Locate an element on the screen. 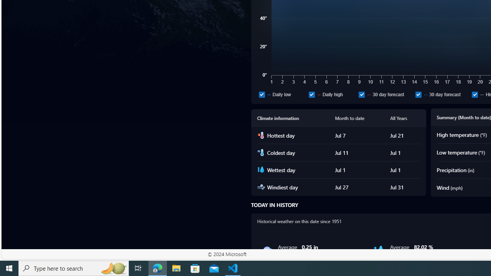 This screenshot has height=276, width=491. '30 day forecast' is located at coordinates (418, 94).